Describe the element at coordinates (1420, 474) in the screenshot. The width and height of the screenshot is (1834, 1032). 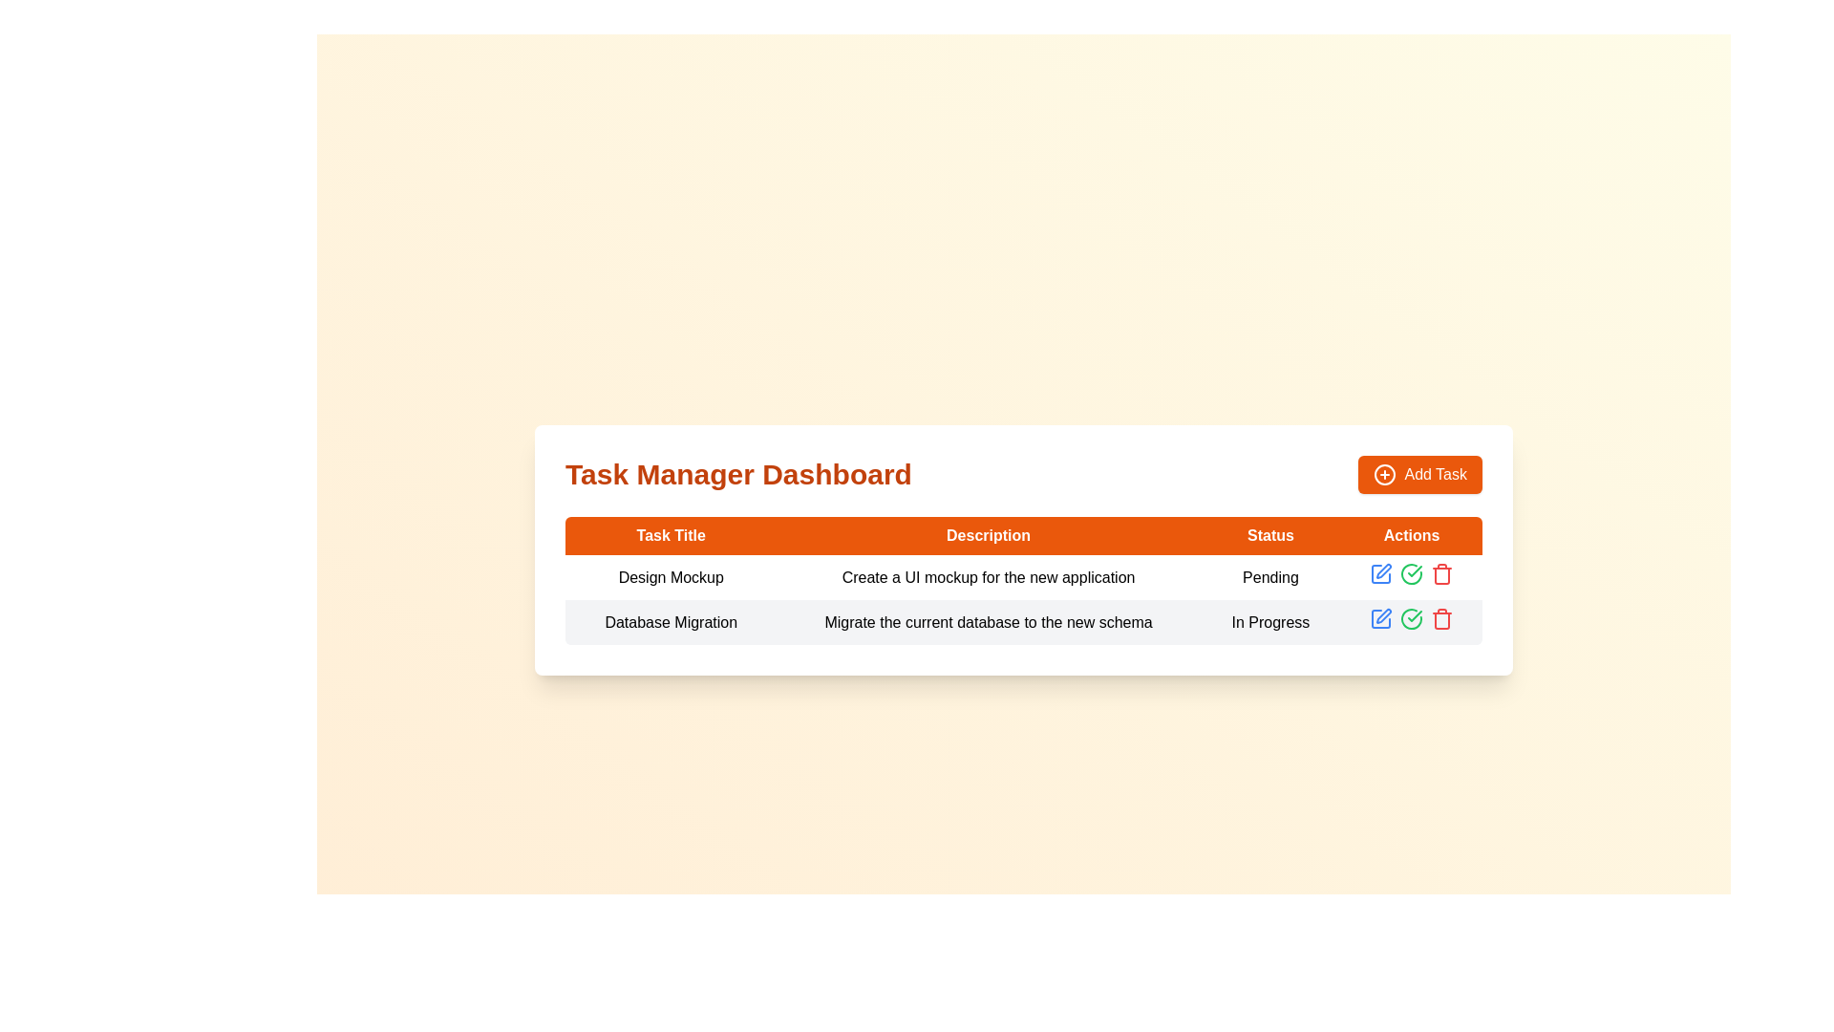
I see `the bright orange button labeled 'Add Task' with a plus sign icon to change its visual state` at that location.